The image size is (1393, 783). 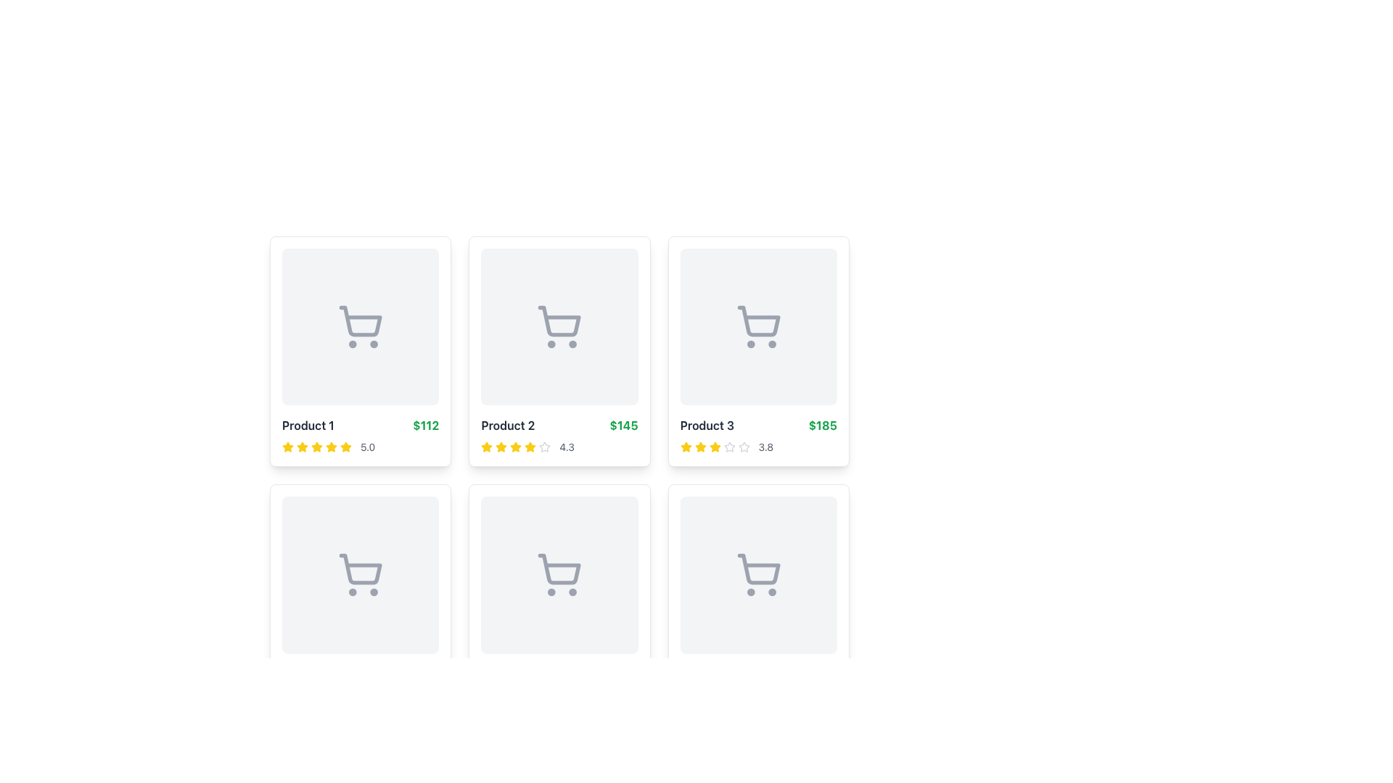 I want to click on the shopping cart icon located in the center of the middle row of the grid layout, so click(x=559, y=574).